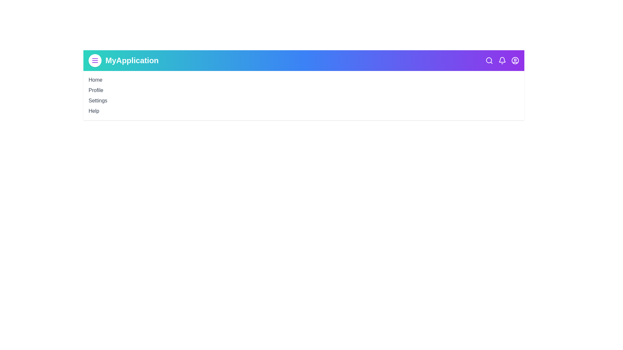  Describe the element at coordinates (93, 111) in the screenshot. I see `the Help navigation link` at that location.